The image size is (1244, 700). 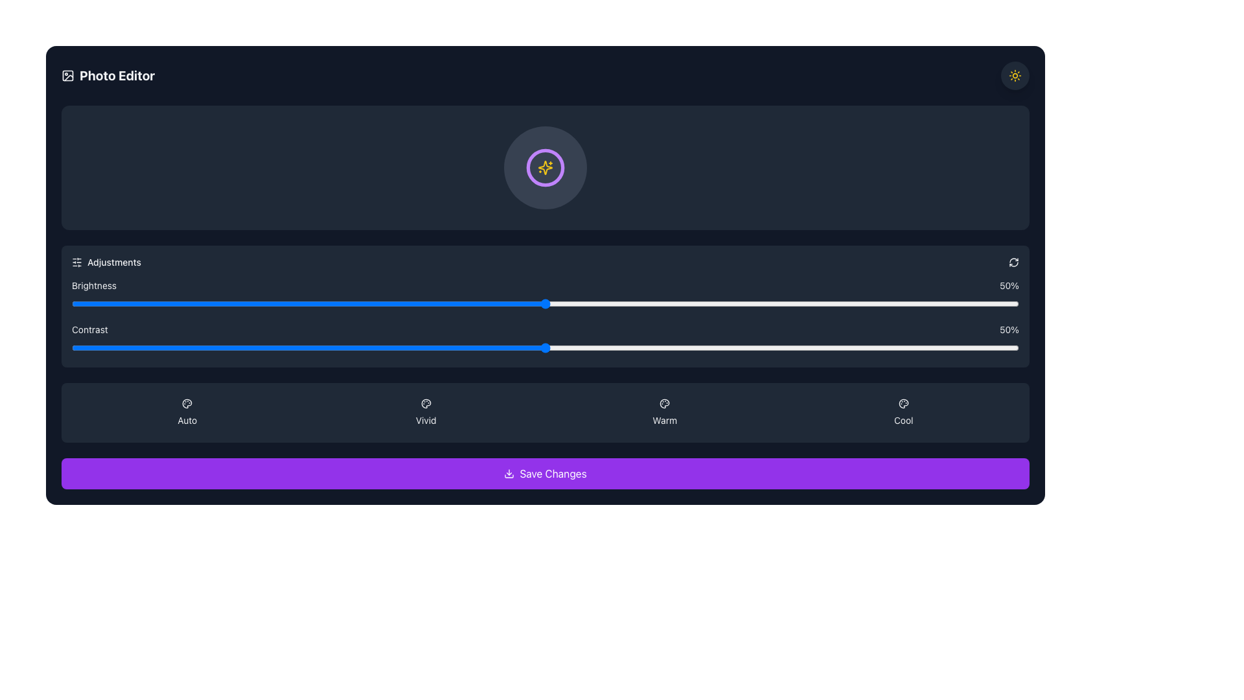 What do you see at coordinates (426, 412) in the screenshot?
I see `the 'Vivid' button located in the bottom row of buttons` at bounding box center [426, 412].